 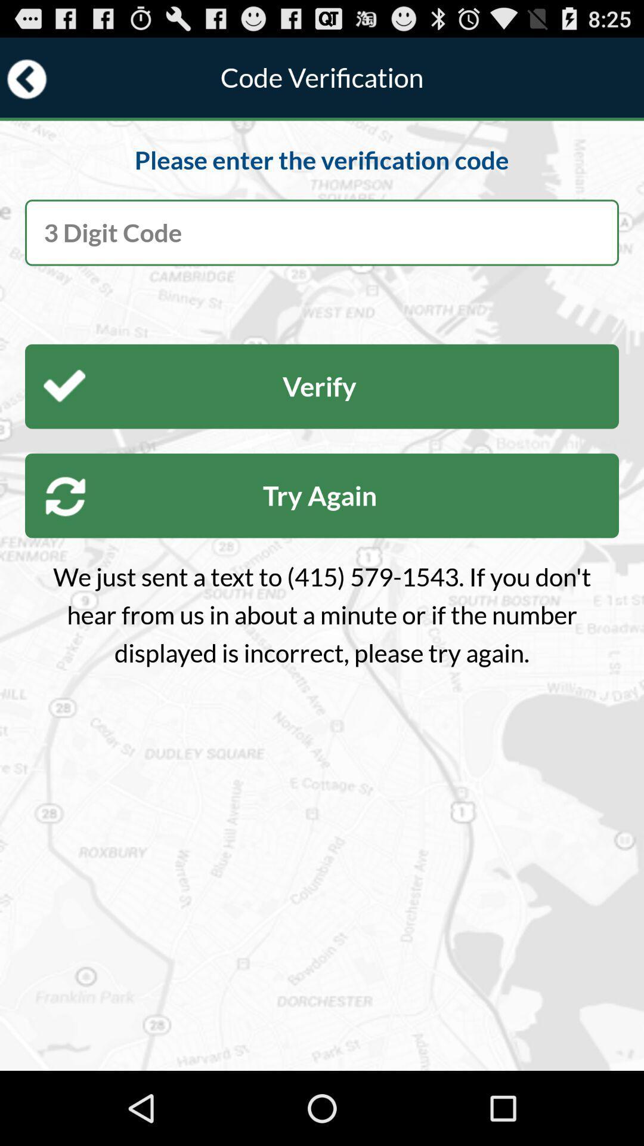 What do you see at coordinates (322, 495) in the screenshot?
I see `item below the verify button` at bounding box center [322, 495].